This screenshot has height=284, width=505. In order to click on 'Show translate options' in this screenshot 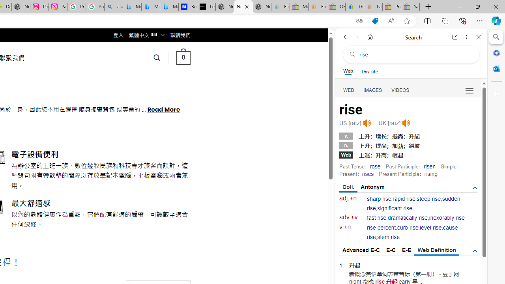, I will do `click(359, 21)`.